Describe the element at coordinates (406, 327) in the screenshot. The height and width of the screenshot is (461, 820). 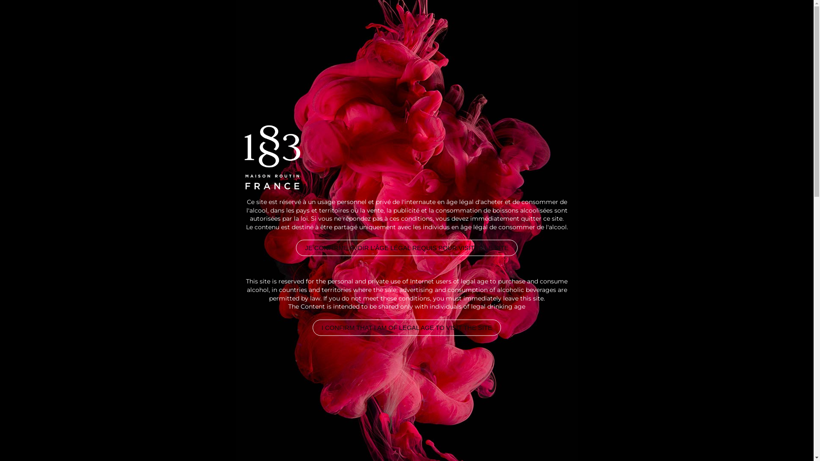
I see `'I CONFIRM THAT I AM OF LEGAL AGE TO VISIT THE SITE'` at that location.